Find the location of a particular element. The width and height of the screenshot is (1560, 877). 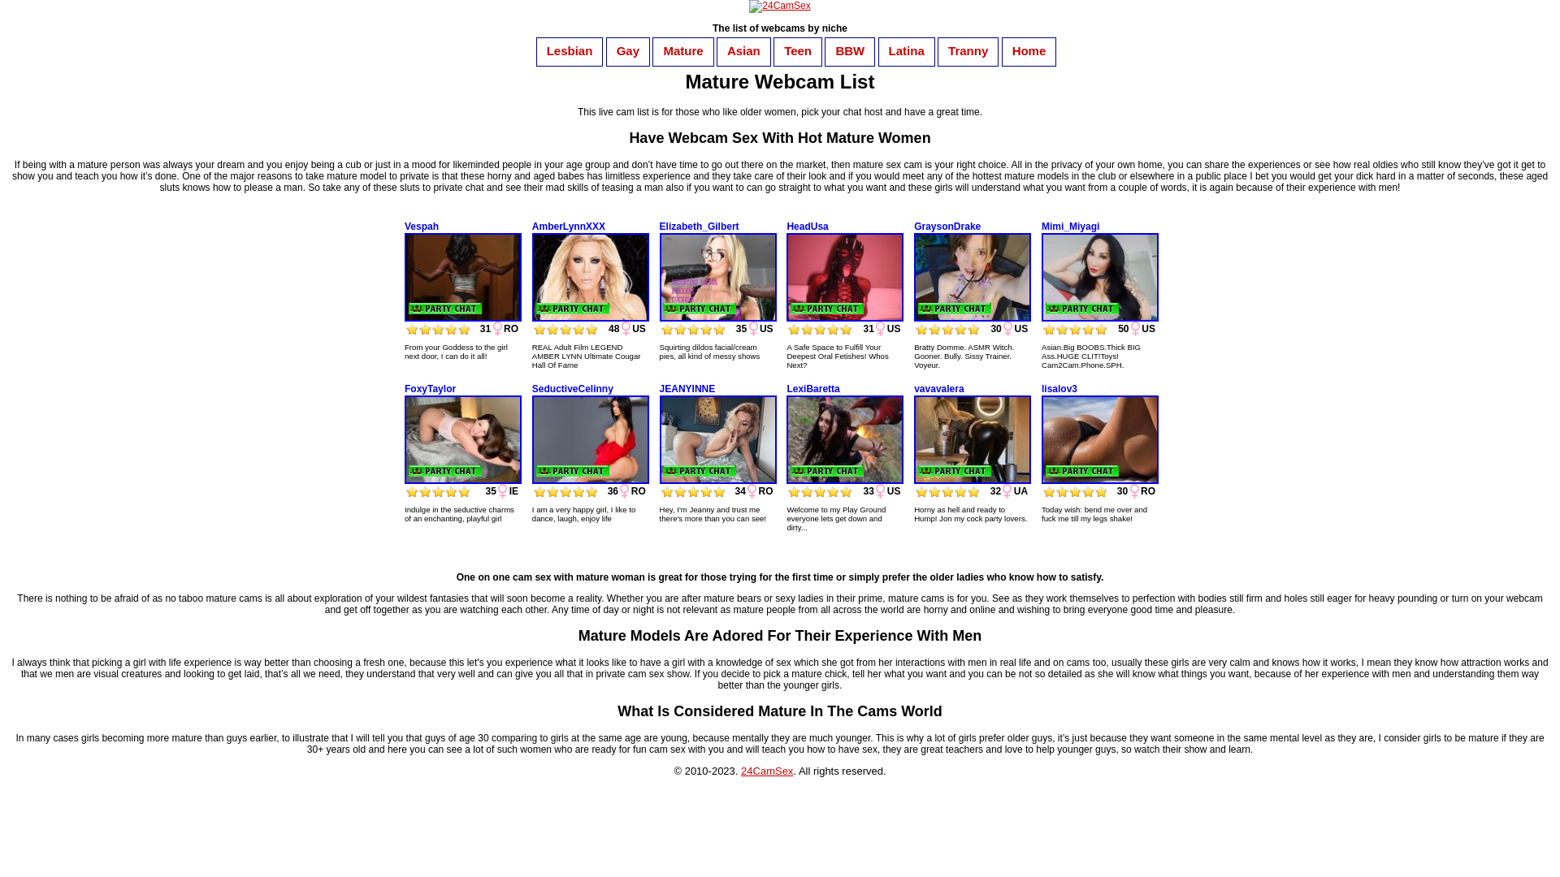

'Asian' is located at coordinates (743, 50).